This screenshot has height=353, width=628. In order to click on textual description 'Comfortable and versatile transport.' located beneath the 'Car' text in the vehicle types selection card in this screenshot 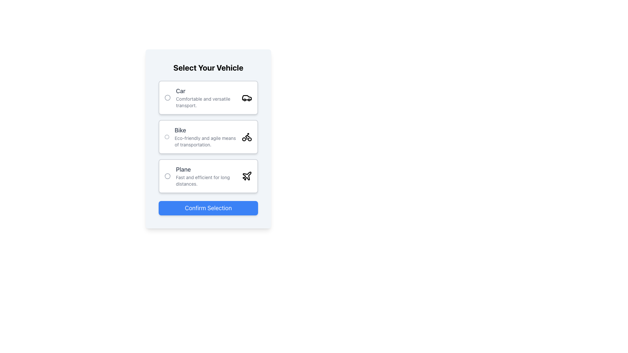, I will do `click(206, 102)`.